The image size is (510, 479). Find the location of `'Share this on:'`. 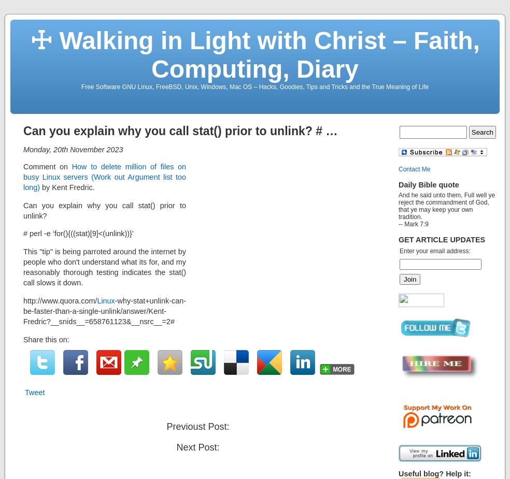

'Share this on:' is located at coordinates (22, 339).